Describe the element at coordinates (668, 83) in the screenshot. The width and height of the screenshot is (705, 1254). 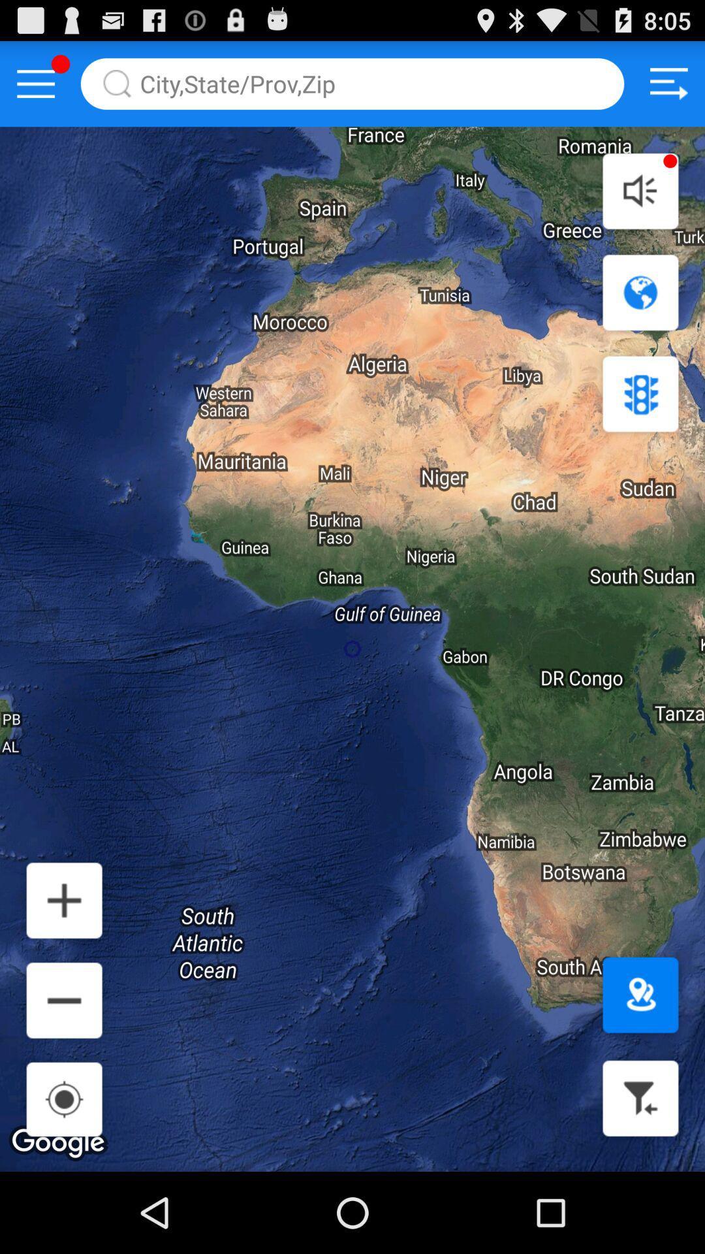
I see `setting button` at that location.